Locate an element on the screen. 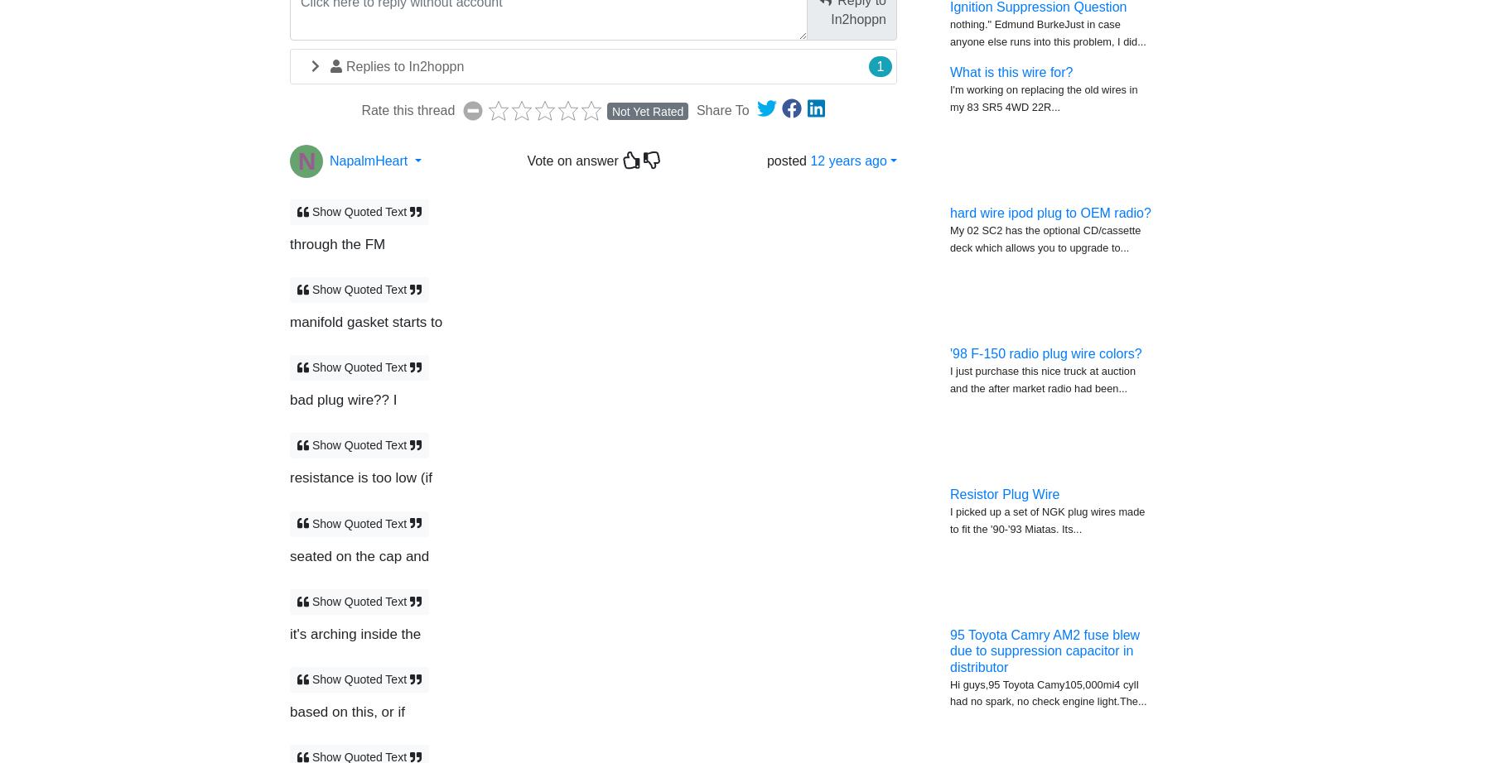  'Hi guys,95 Toyota Camy105,000mi4 cylI had no spark,  no check engine light.The...' is located at coordinates (1048, 691).